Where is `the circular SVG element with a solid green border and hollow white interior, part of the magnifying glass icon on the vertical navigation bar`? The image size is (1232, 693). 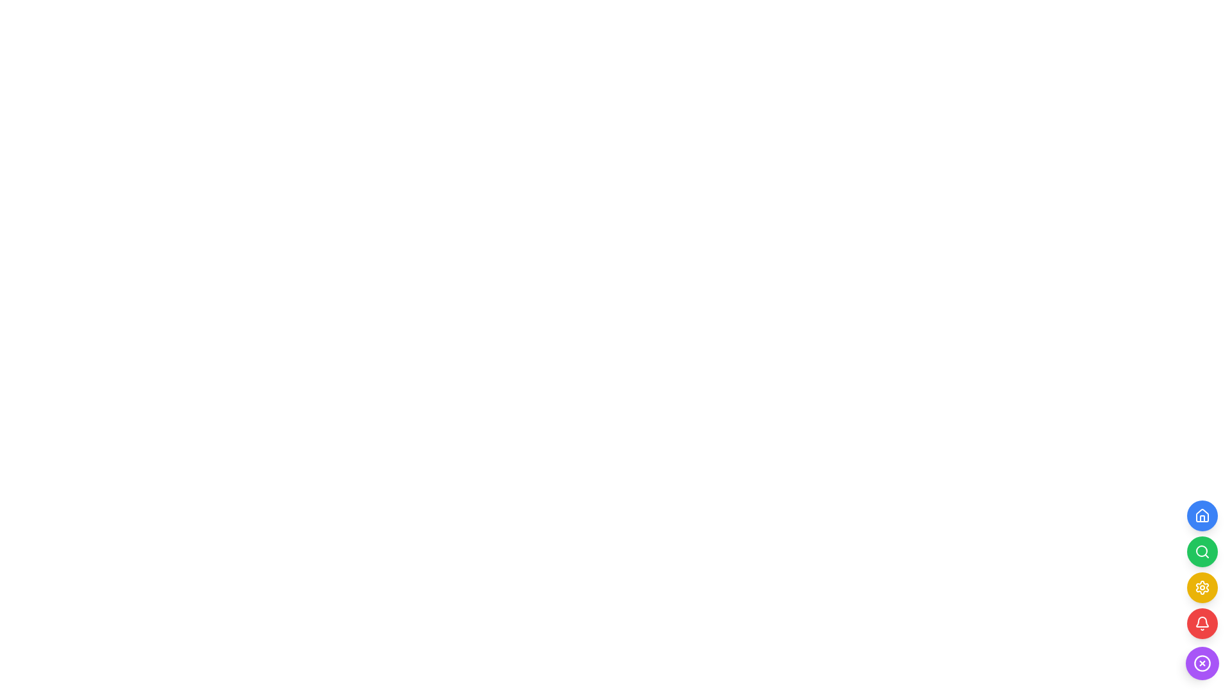 the circular SVG element with a solid green border and hollow white interior, part of the magnifying glass icon on the vertical navigation bar is located at coordinates (1201, 551).